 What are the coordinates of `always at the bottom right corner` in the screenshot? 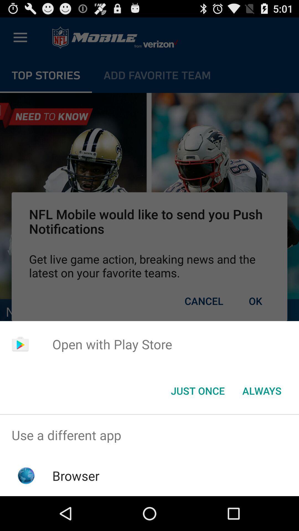 It's located at (262, 390).